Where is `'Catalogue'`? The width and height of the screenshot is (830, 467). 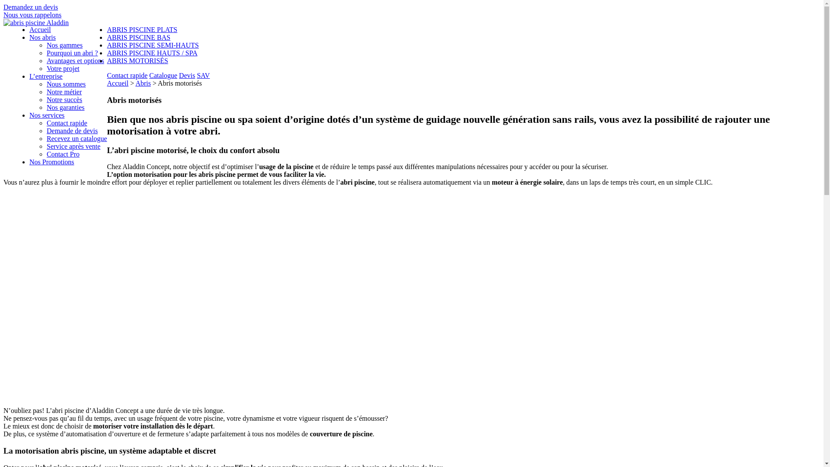 'Catalogue' is located at coordinates (163, 75).